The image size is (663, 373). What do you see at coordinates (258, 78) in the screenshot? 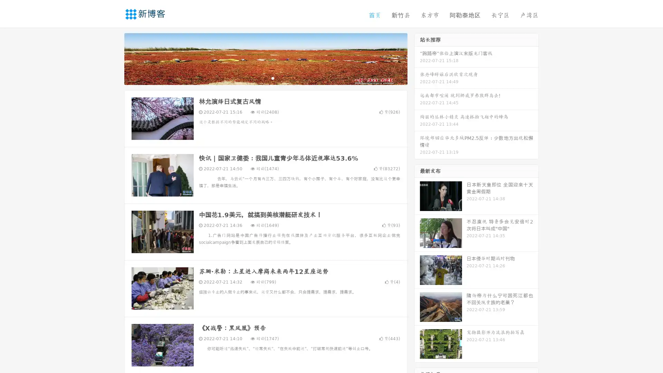
I see `Go to slide 1` at bounding box center [258, 78].